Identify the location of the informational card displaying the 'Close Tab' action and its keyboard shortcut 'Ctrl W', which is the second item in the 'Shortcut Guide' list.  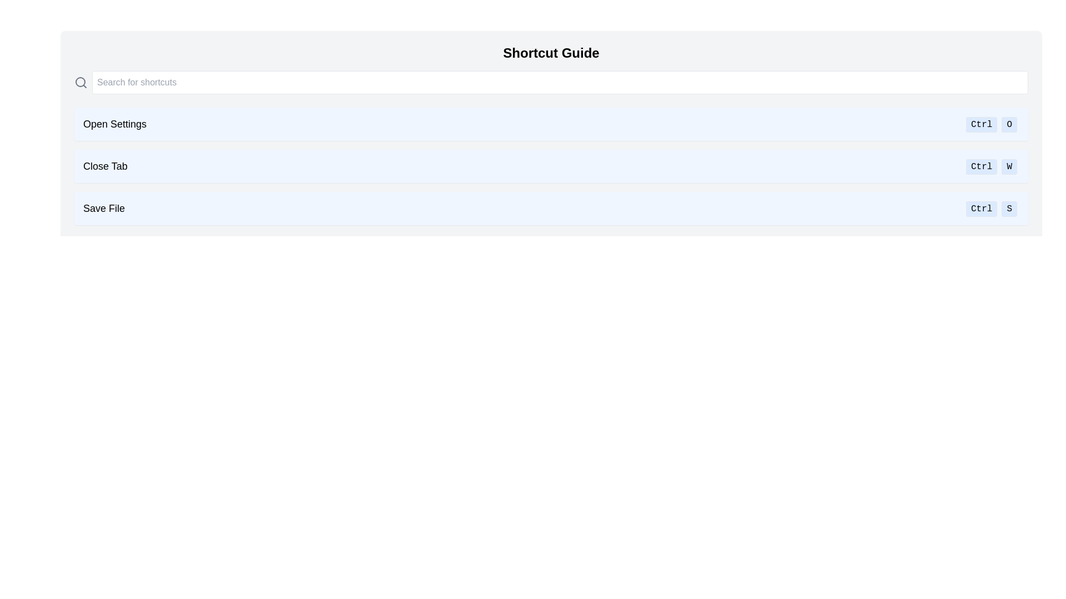
(551, 166).